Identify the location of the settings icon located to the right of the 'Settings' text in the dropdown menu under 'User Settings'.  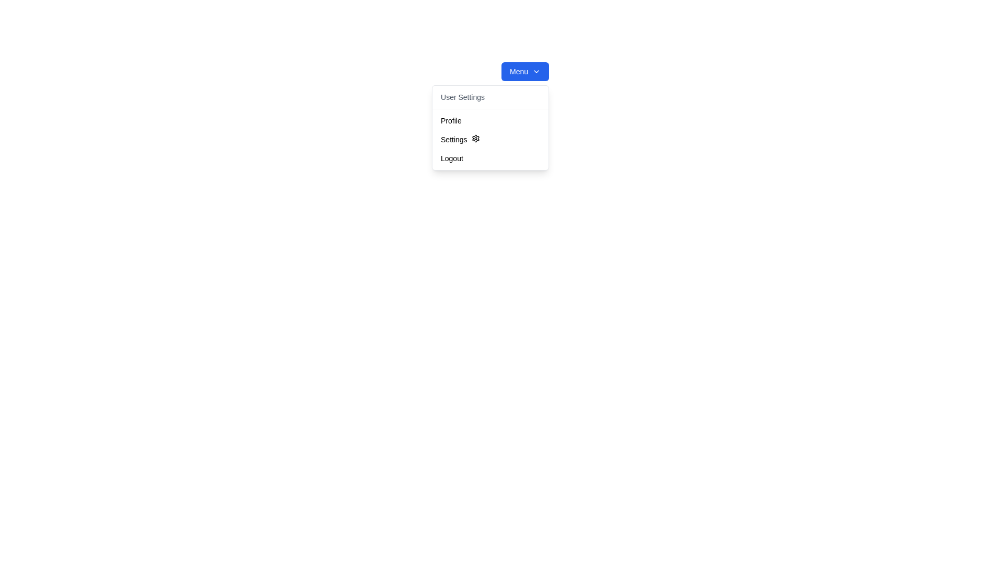
(475, 138).